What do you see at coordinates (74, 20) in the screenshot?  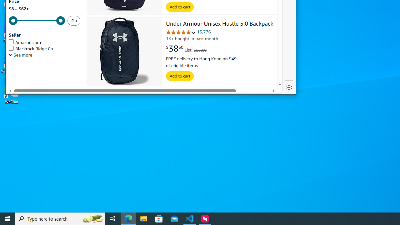 I see `'Go - Submit price range'` at bounding box center [74, 20].